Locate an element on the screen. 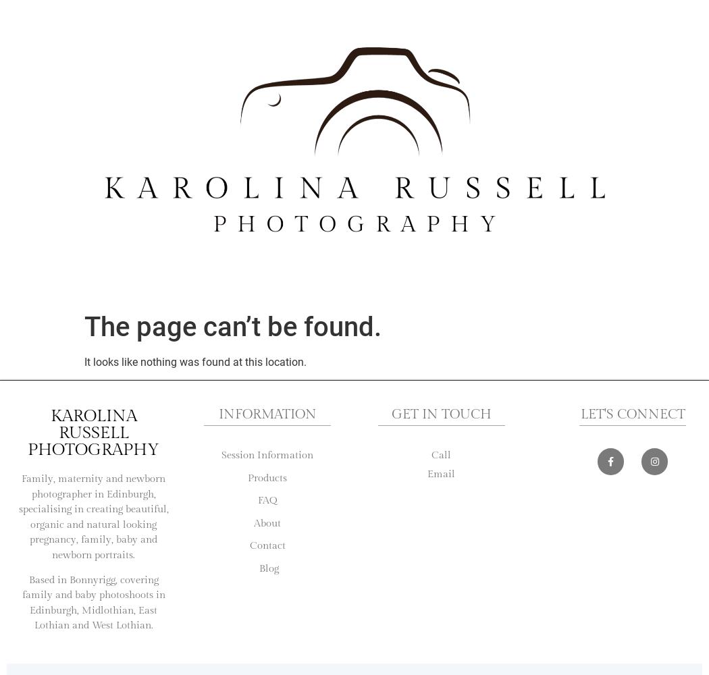 The image size is (709, 675). 'Information' is located at coordinates (217, 414).